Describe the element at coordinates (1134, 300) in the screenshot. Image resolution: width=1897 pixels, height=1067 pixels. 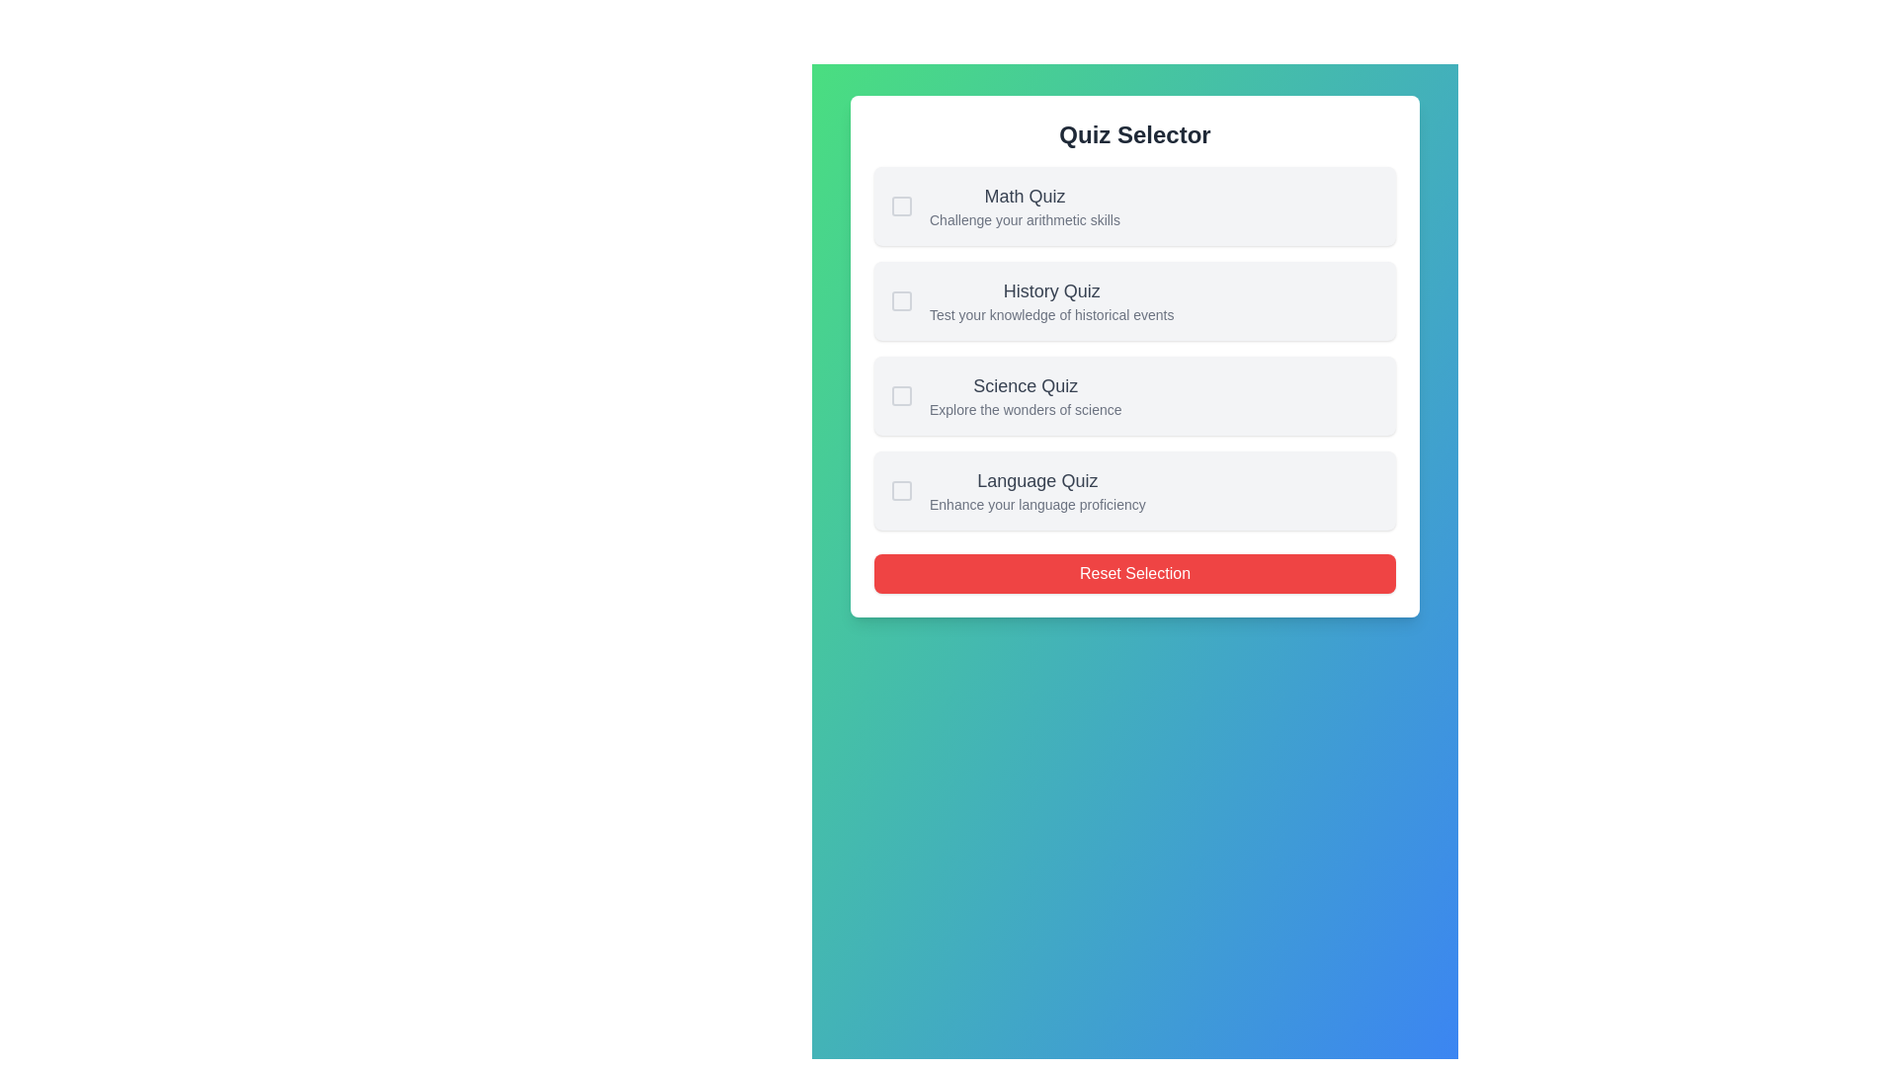
I see `the quiz card for History Quiz` at that location.